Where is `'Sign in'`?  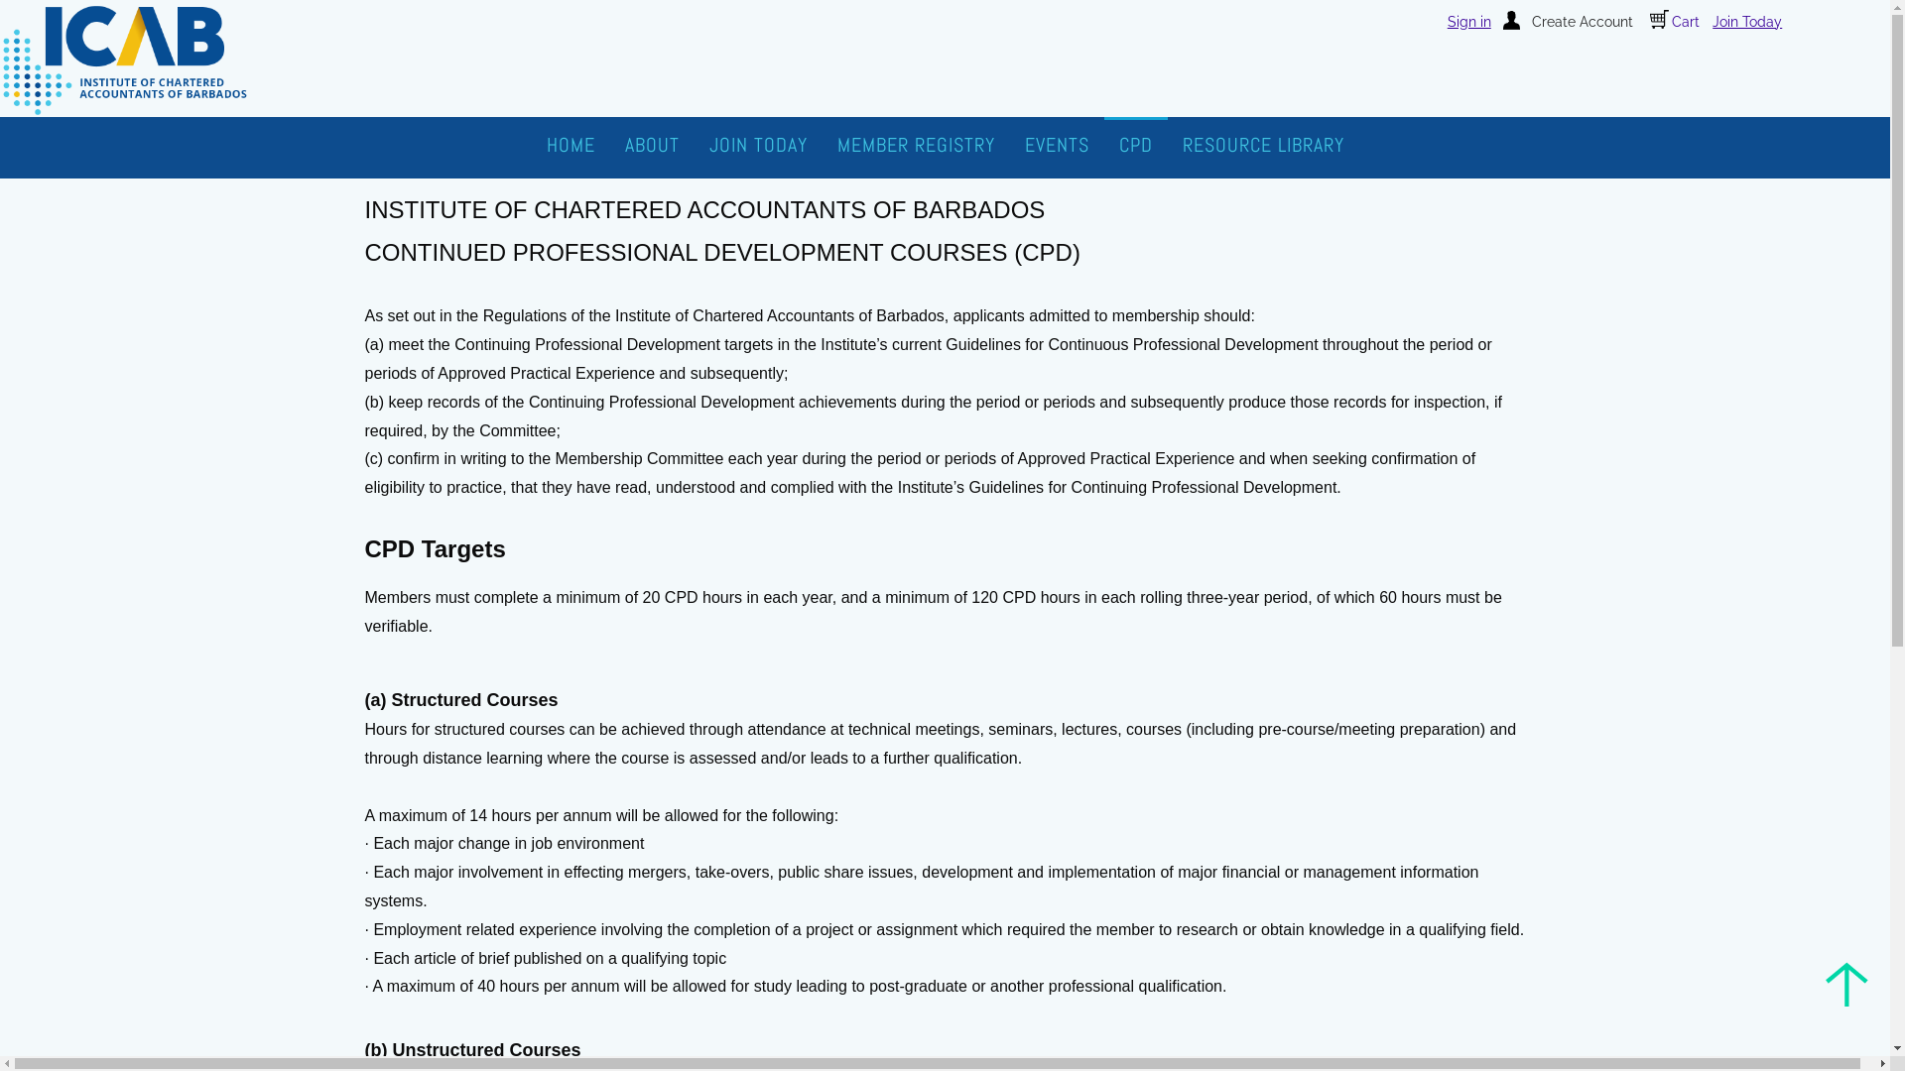 'Sign in' is located at coordinates (1448, 22).